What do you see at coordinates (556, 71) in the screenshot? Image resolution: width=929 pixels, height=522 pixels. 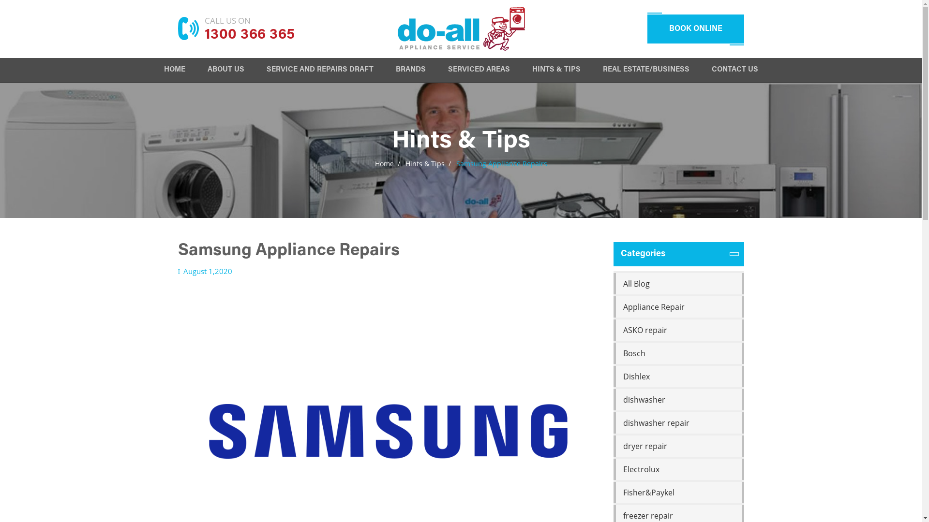 I see `'HINTS & TIPS'` at bounding box center [556, 71].